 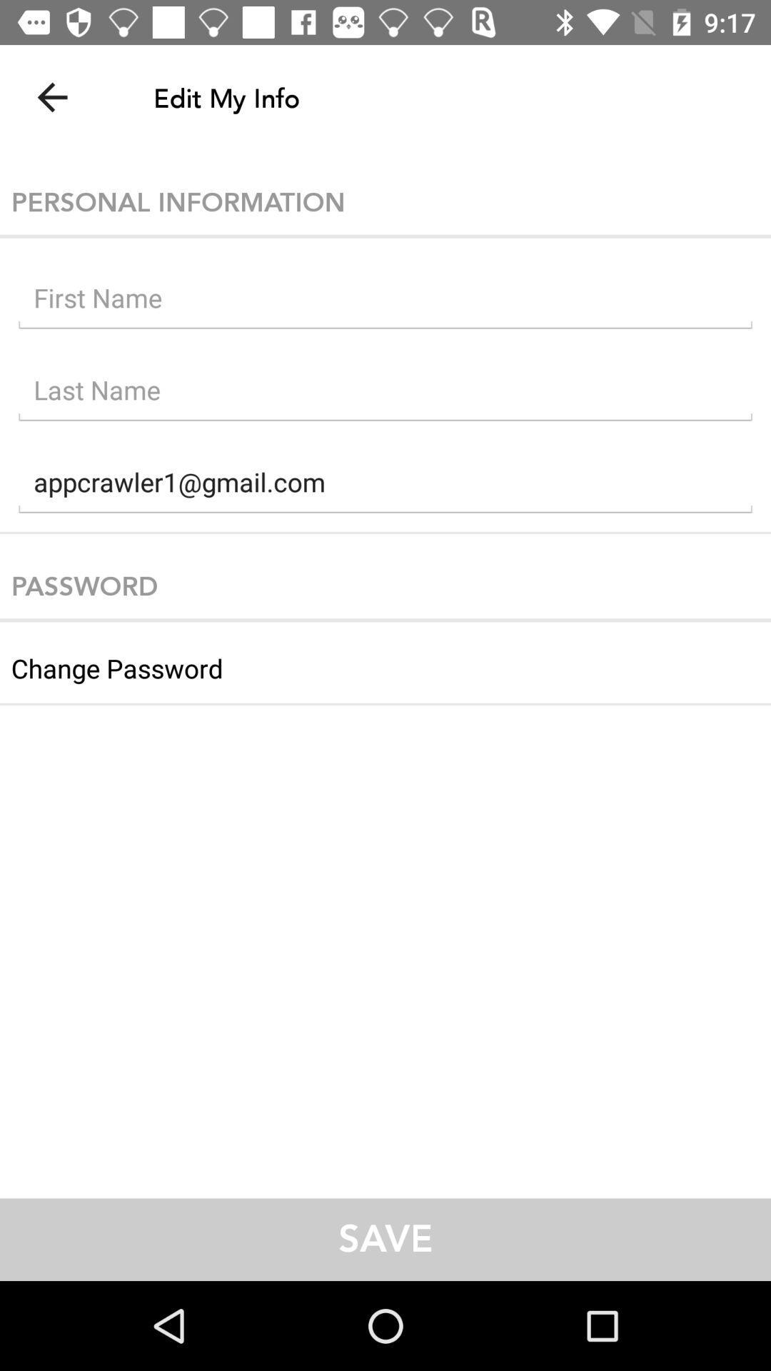 What do you see at coordinates (385, 301) in the screenshot?
I see `input field for first name` at bounding box center [385, 301].